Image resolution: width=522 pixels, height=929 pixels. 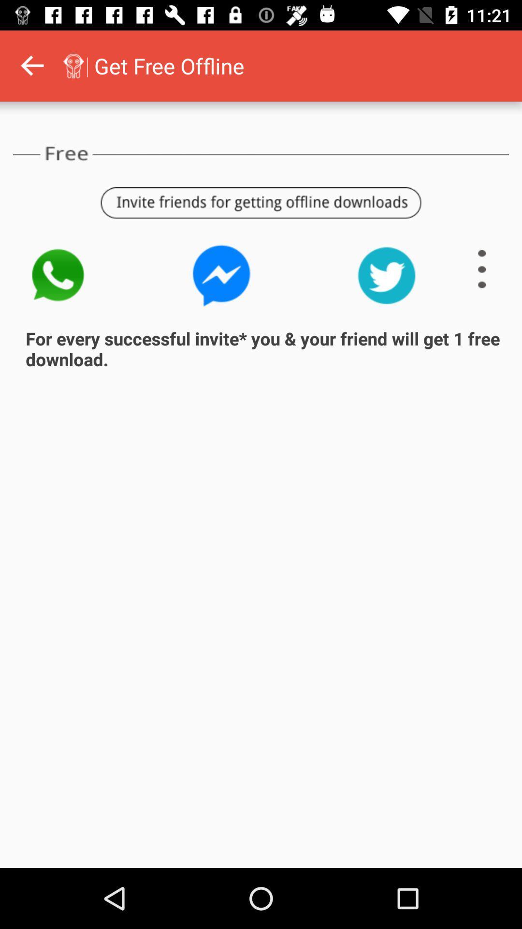 I want to click on open twitter, so click(x=386, y=275).